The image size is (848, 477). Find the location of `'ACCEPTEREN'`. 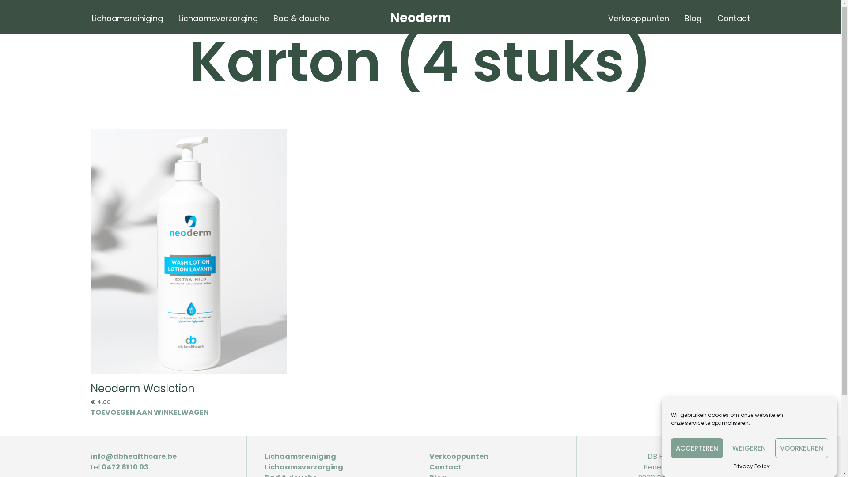

'ACCEPTEREN' is located at coordinates (697, 448).